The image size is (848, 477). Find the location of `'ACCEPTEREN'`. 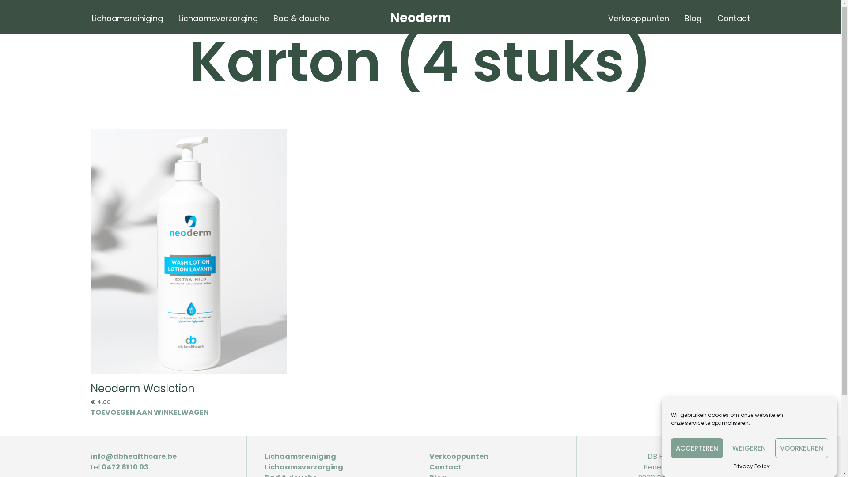

'ACCEPTEREN' is located at coordinates (697, 448).